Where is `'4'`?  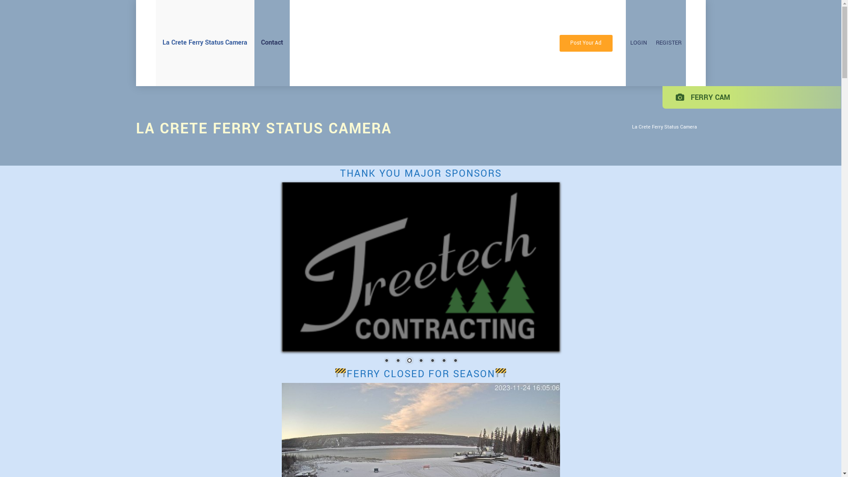
'4' is located at coordinates (420, 361).